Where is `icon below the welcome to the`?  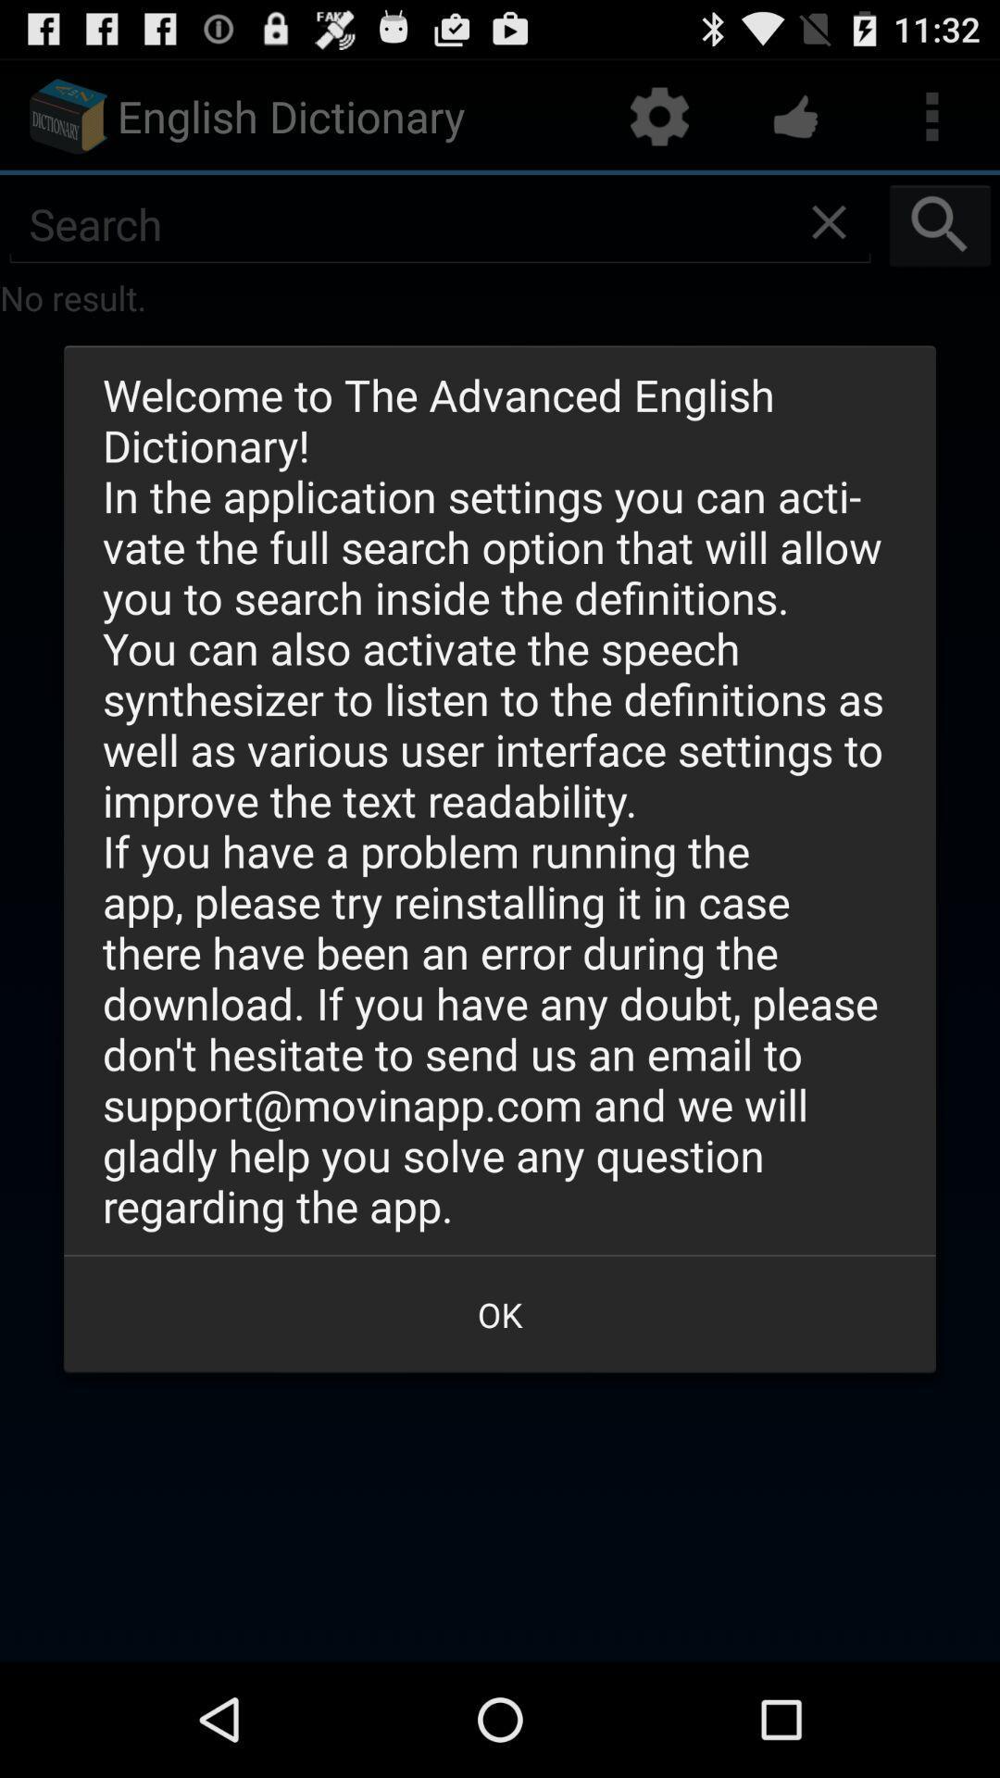
icon below the welcome to the is located at coordinates (500, 1313).